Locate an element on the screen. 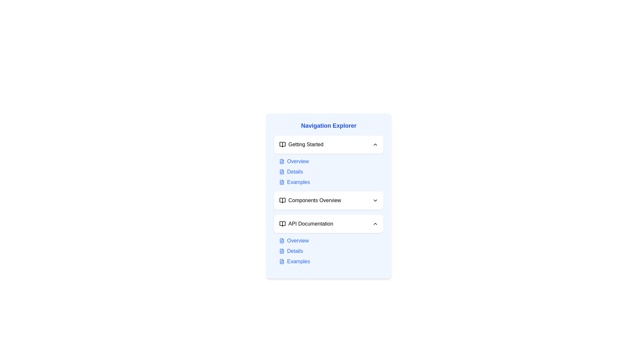 This screenshot has width=625, height=351. the document icon with a blue outline located to the left of the 'Overview' text in the 'API Documentation' section is located at coordinates (282, 240).